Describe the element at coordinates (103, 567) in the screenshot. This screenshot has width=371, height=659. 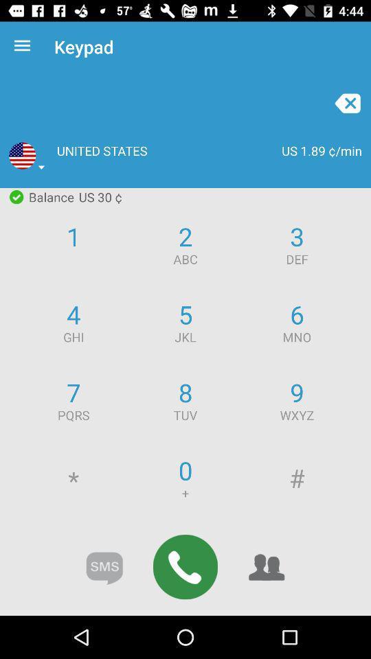
I see `the chat icon` at that location.